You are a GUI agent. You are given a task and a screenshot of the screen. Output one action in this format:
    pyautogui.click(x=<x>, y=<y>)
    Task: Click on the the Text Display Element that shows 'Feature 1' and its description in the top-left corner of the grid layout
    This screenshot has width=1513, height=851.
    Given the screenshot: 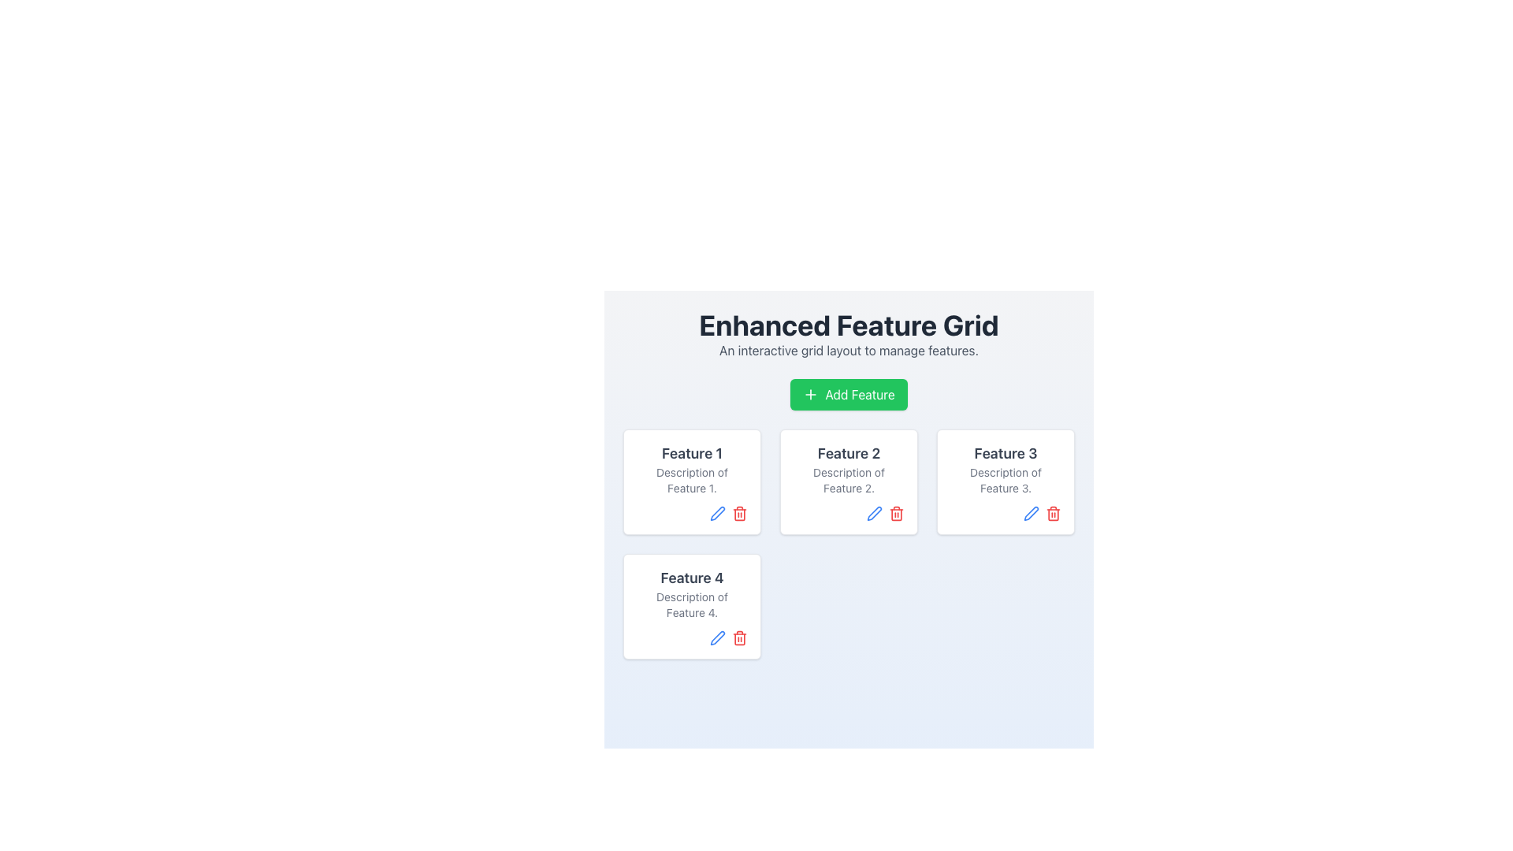 What is the action you would take?
    pyautogui.click(x=692, y=469)
    